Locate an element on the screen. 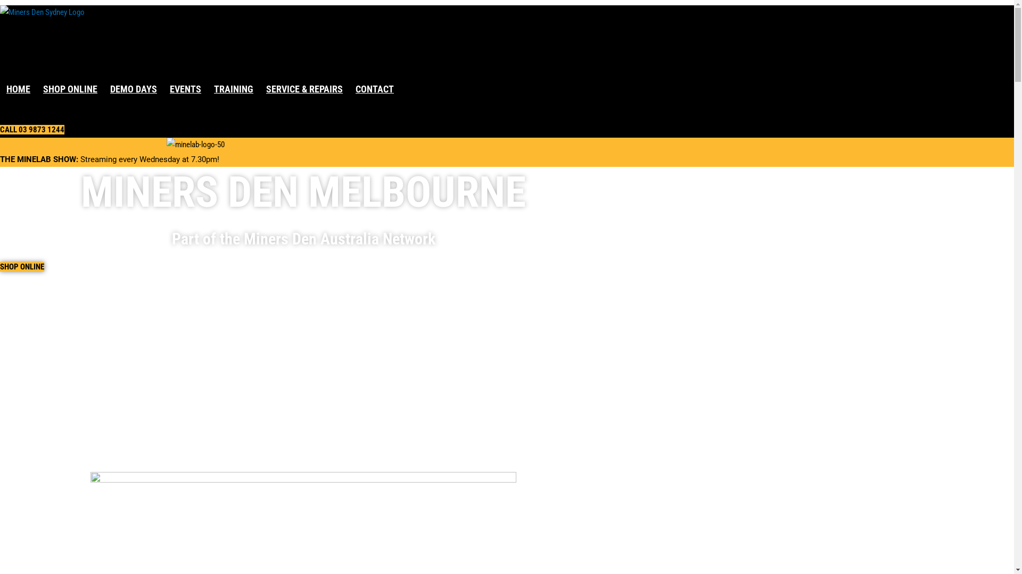 The width and height of the screenshot is (1022, 574). 'SHOP ONLINE' is located at coordinates (22, 266).